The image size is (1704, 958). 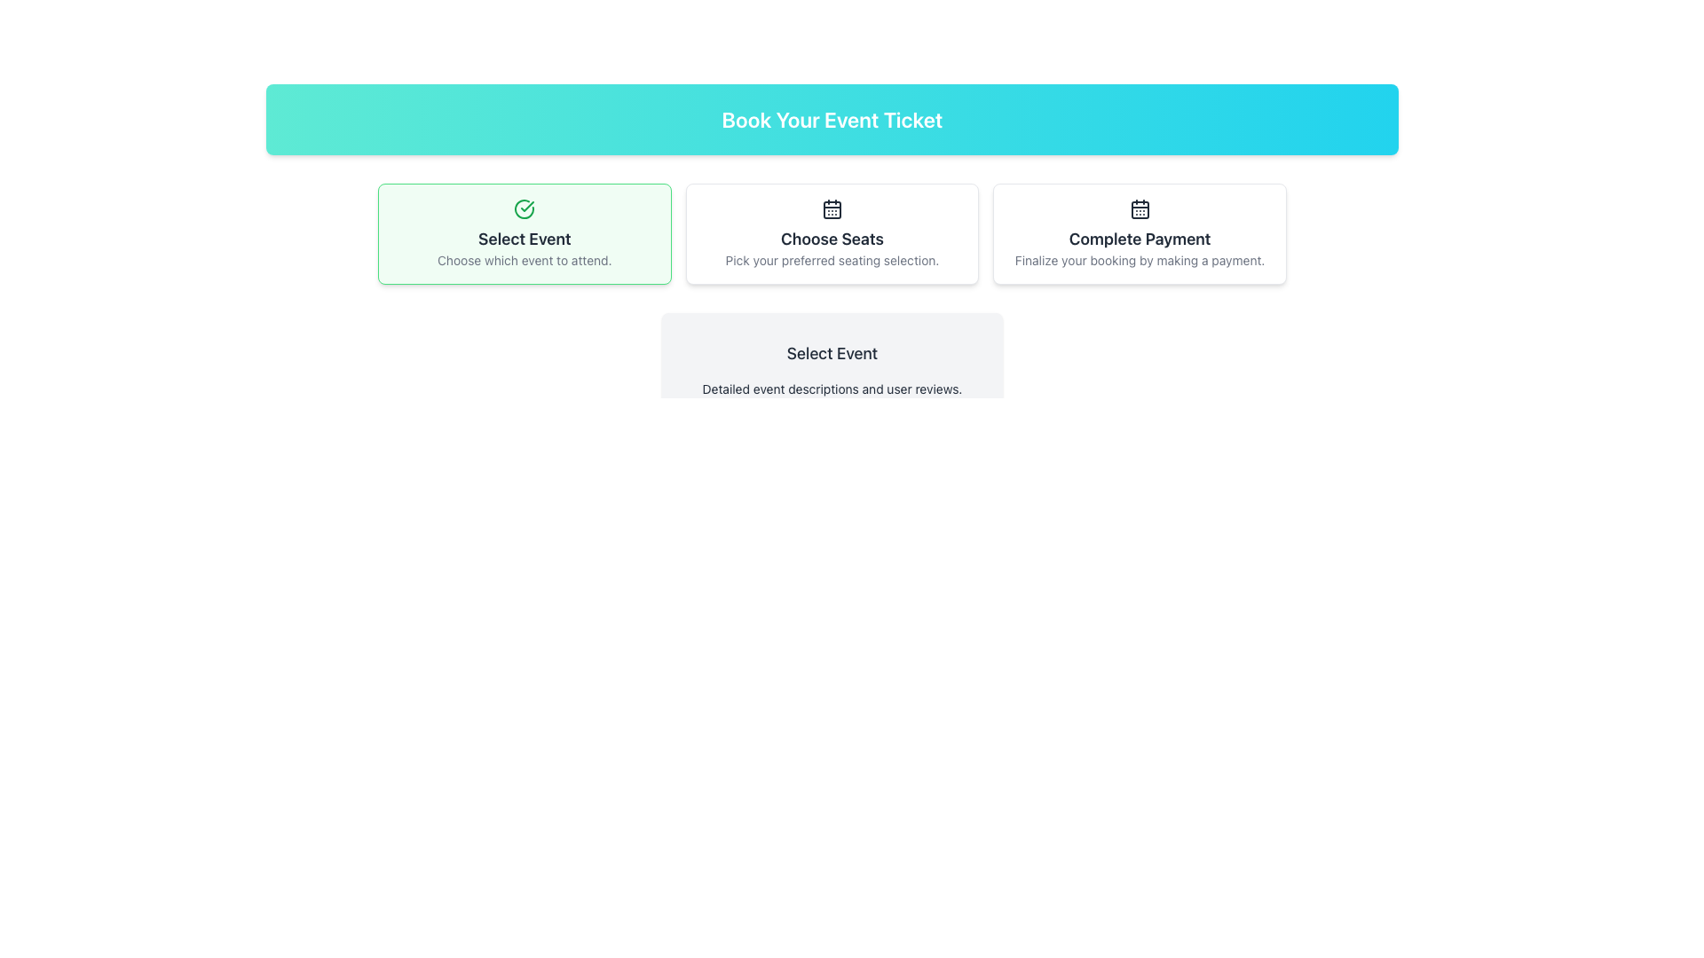 I want to click on the Text element that serves as a label for seating preference, positioned below a calendar icon and above the subtitle 'Pick your preferred seating selection.', so click(x=831, y=239).